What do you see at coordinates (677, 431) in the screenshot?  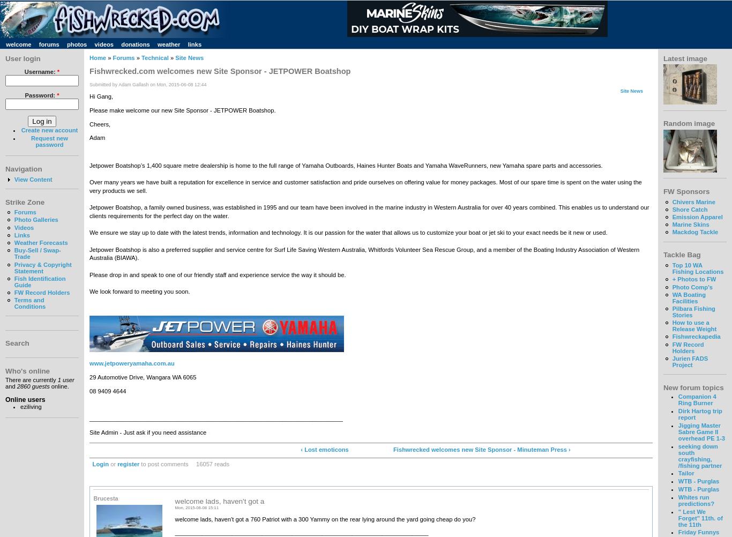 I see `'Jigging Master Sabre Game II overhead PE 1-3'` at bounding box center [677, 431].